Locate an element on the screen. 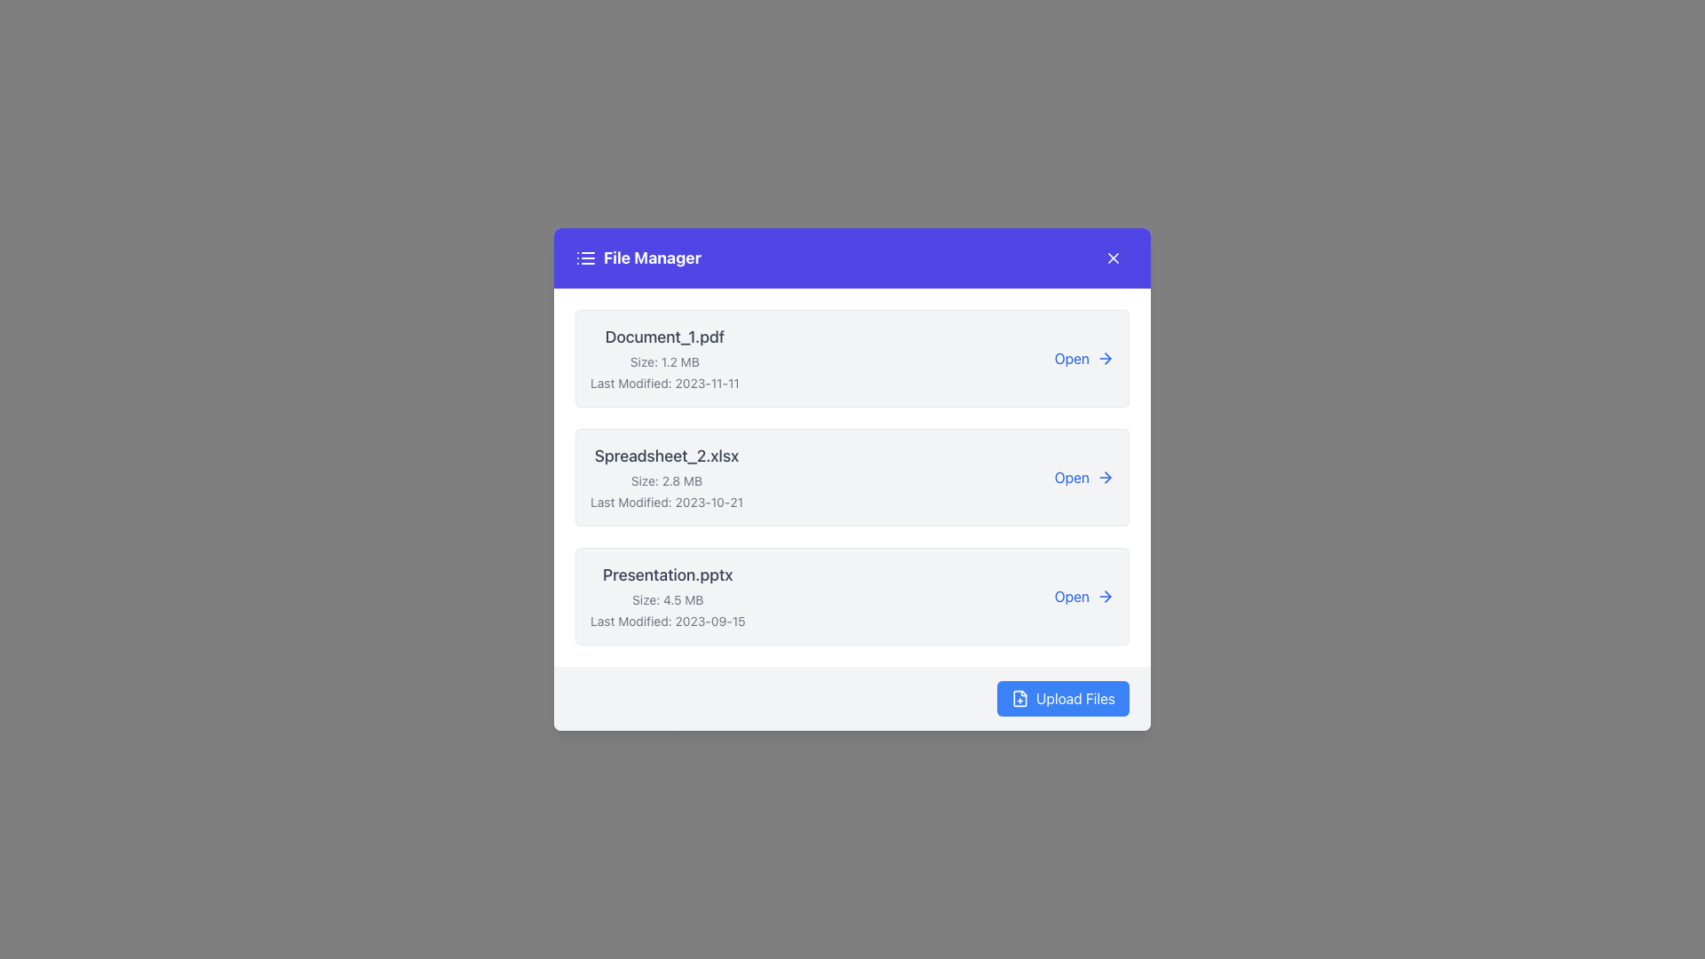 The image size is (1705, 959). the close button located at the top-right corner of the 'File Manager' interface is located at coordinates (1112, 258).